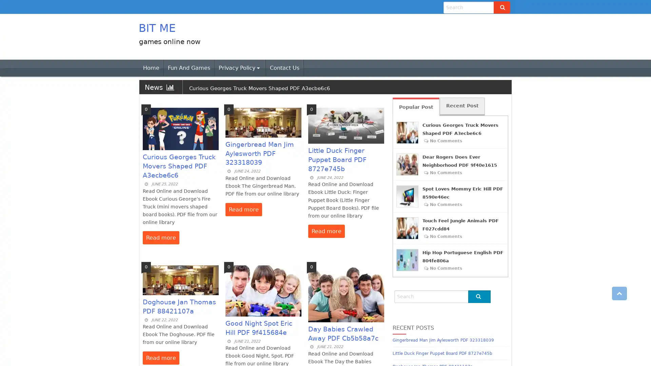 This screenshot has width=651, height=366. I want to click on Go, so click(479, 296).